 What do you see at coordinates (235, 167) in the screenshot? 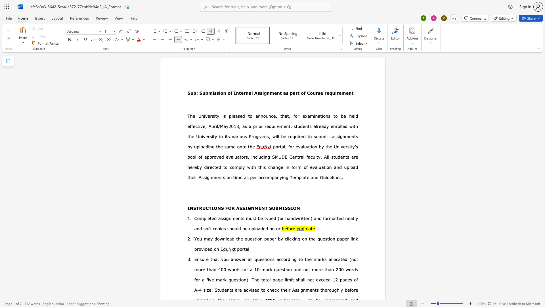
I see `the space between the continuous character "o" and "m" in the text` at bounding box center [235, 167].